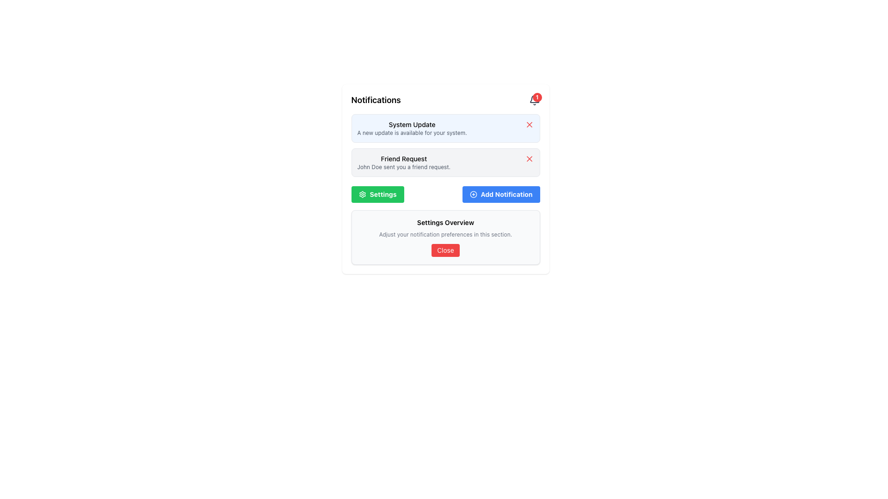  Describe the element at coordinates (445, 250) in the screenshot. I see `the close button located at the bottom of the 'Settings Overview' section` at that location.